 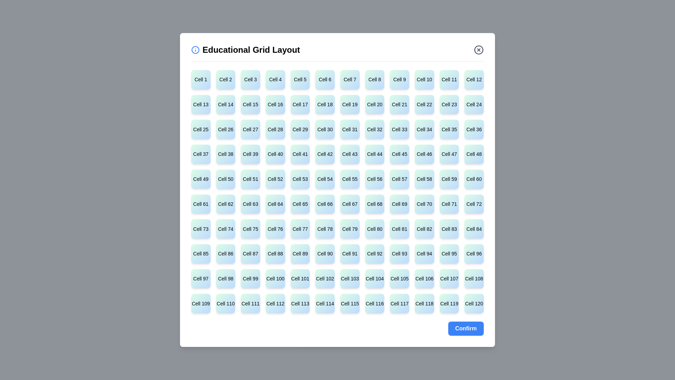 What do you see at coordinates (478, 50) in the screenshot?
I see `close button in the top-right corner of the dialog` at bounding box center [478, 50].